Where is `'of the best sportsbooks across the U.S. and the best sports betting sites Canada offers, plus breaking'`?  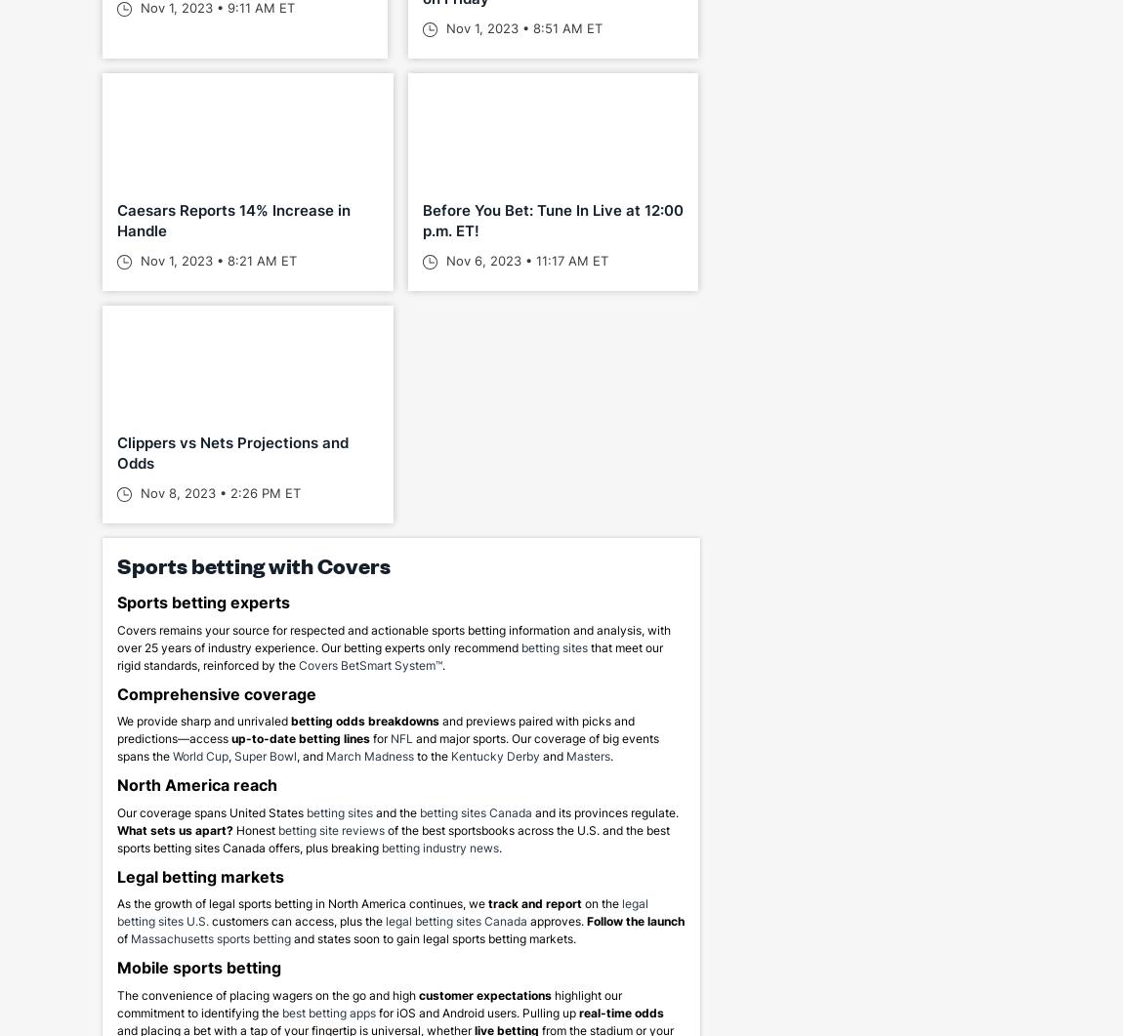
'of the best sportsbooks across the U.S. and the best sports betting sites Canada offers, plus breaking' is located at coordinates (393, 838).